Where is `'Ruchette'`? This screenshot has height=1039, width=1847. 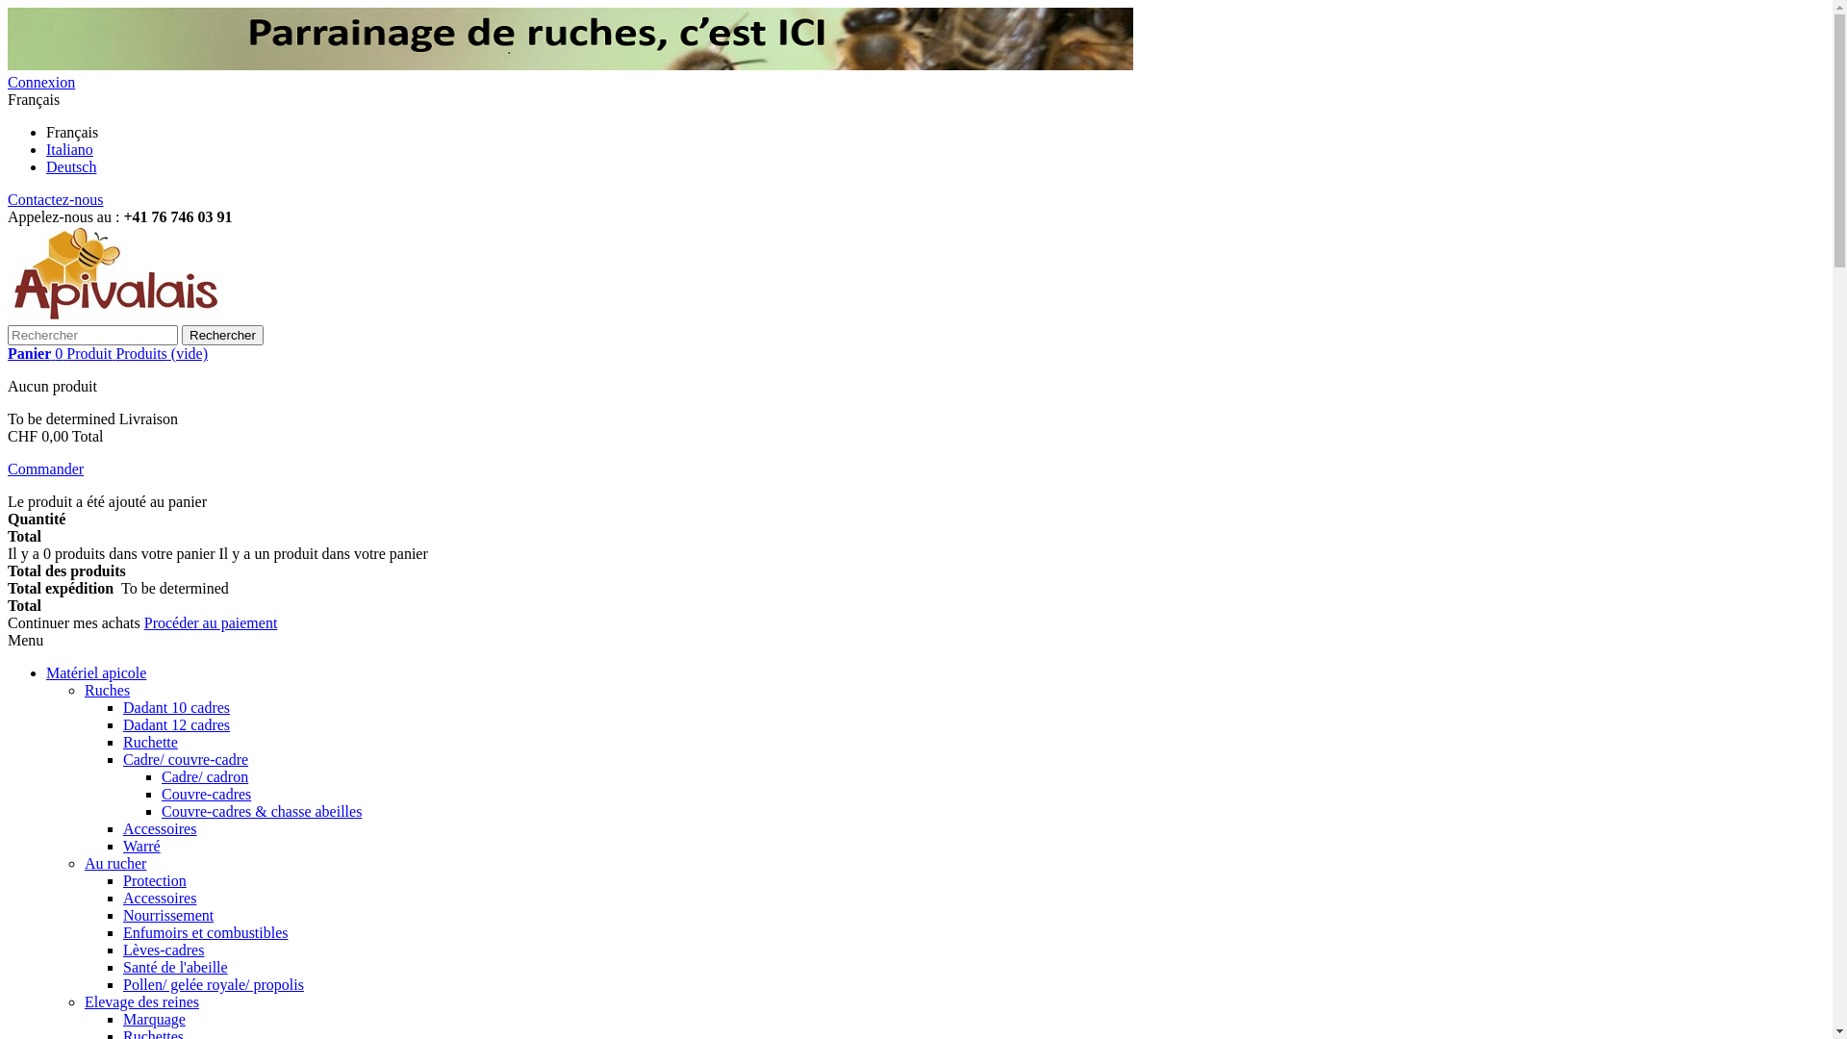 'Ruchette' is located at coordinates (122, 741).